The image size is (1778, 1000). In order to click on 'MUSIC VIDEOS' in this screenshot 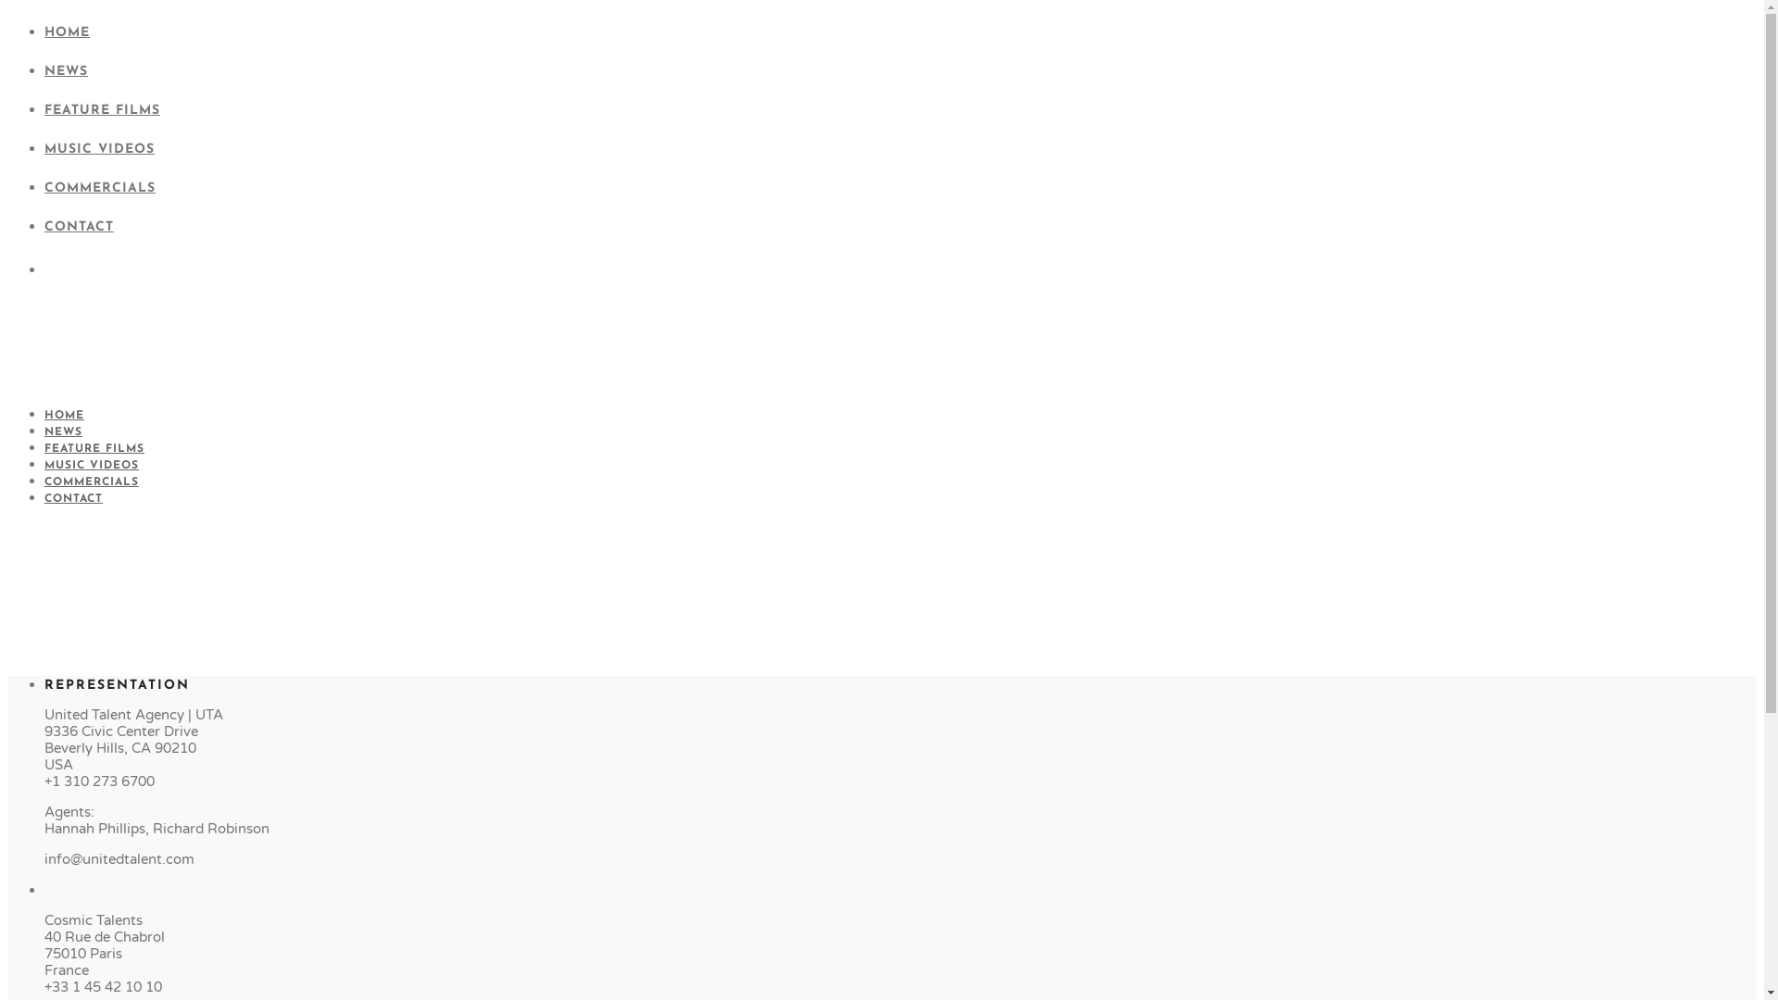, I will do `click(44, 148)`.